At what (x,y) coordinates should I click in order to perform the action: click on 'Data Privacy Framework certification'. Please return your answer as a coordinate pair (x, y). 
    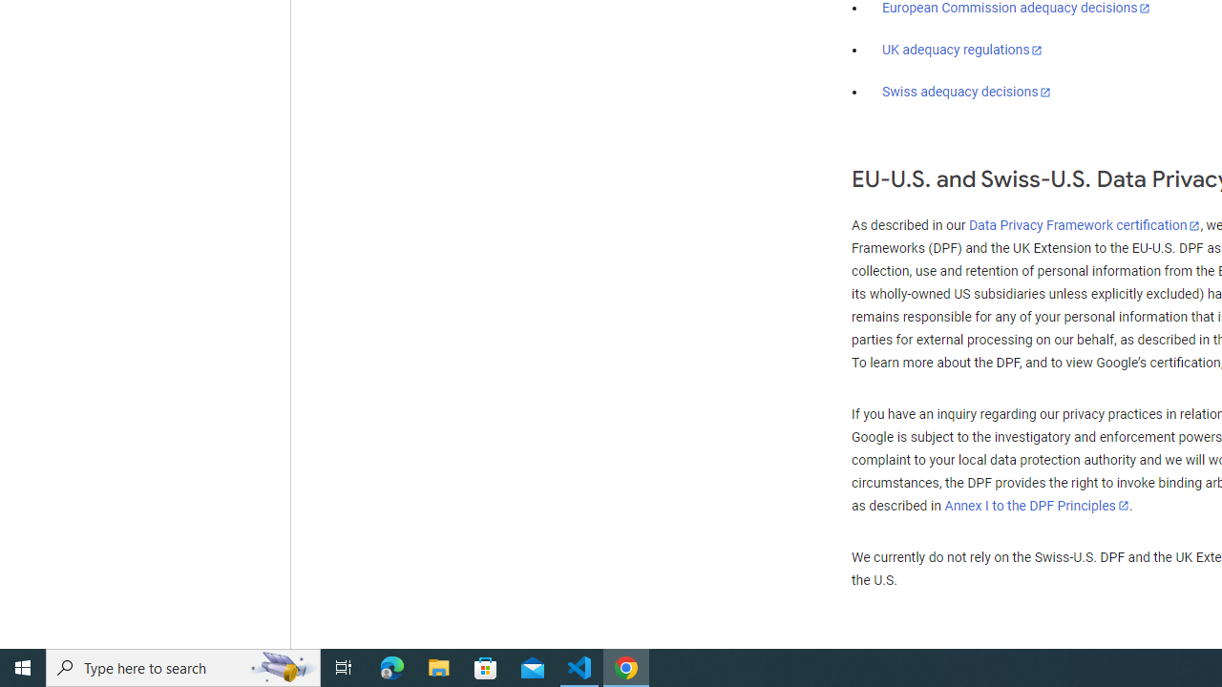
    Looking at the image, I should click on (1085, 225).